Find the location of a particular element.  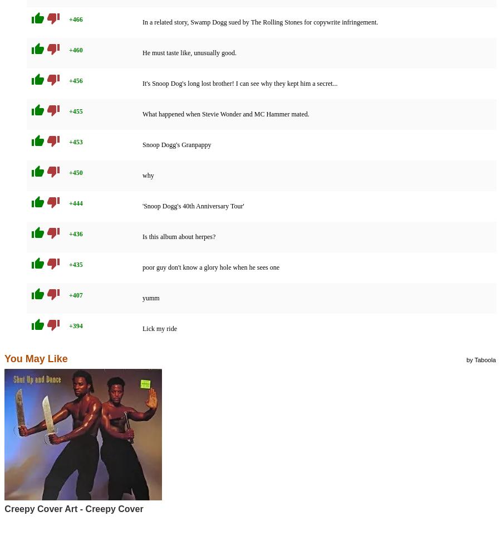

'+453' is located at coordinates (75, 140).